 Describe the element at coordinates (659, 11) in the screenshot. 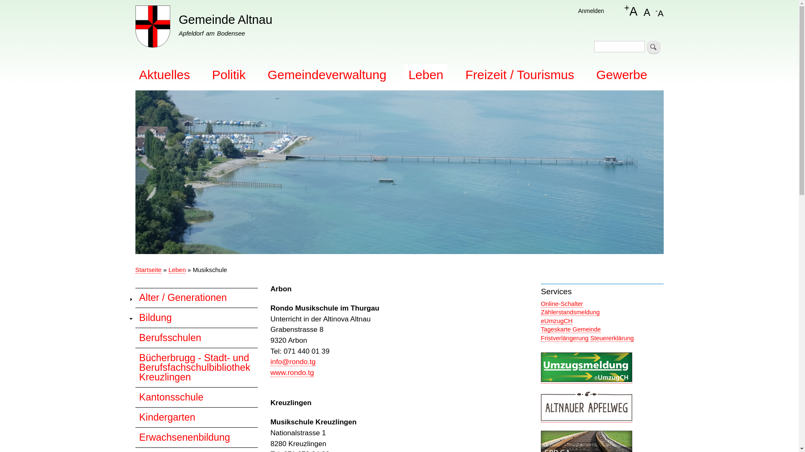

I see `'-A'` at that location.